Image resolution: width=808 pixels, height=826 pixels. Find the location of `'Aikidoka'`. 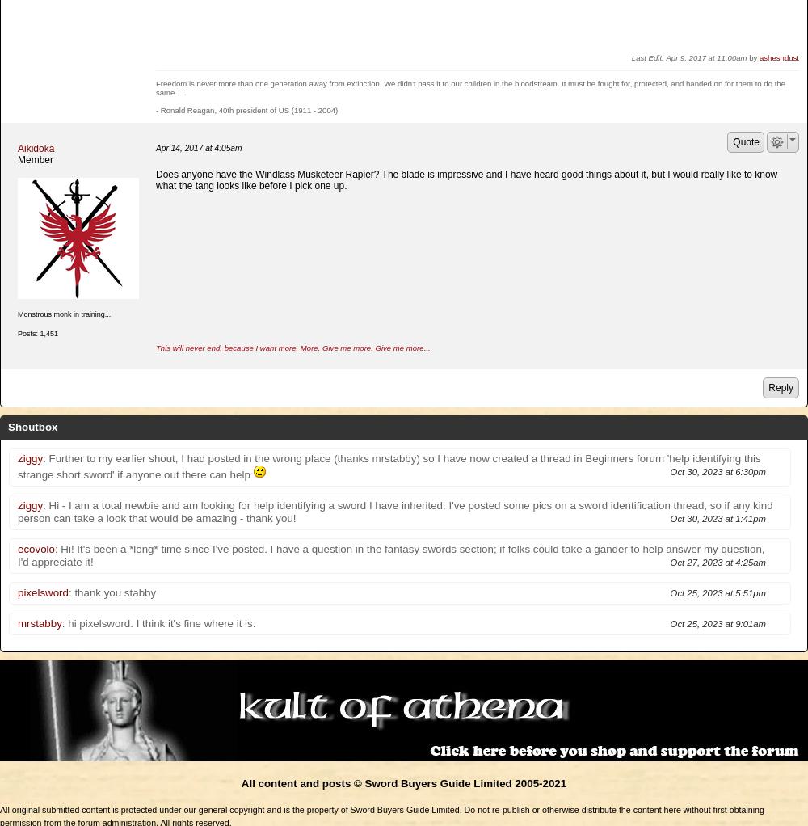

'Aikidoka' is located at coordinates (18, 147).